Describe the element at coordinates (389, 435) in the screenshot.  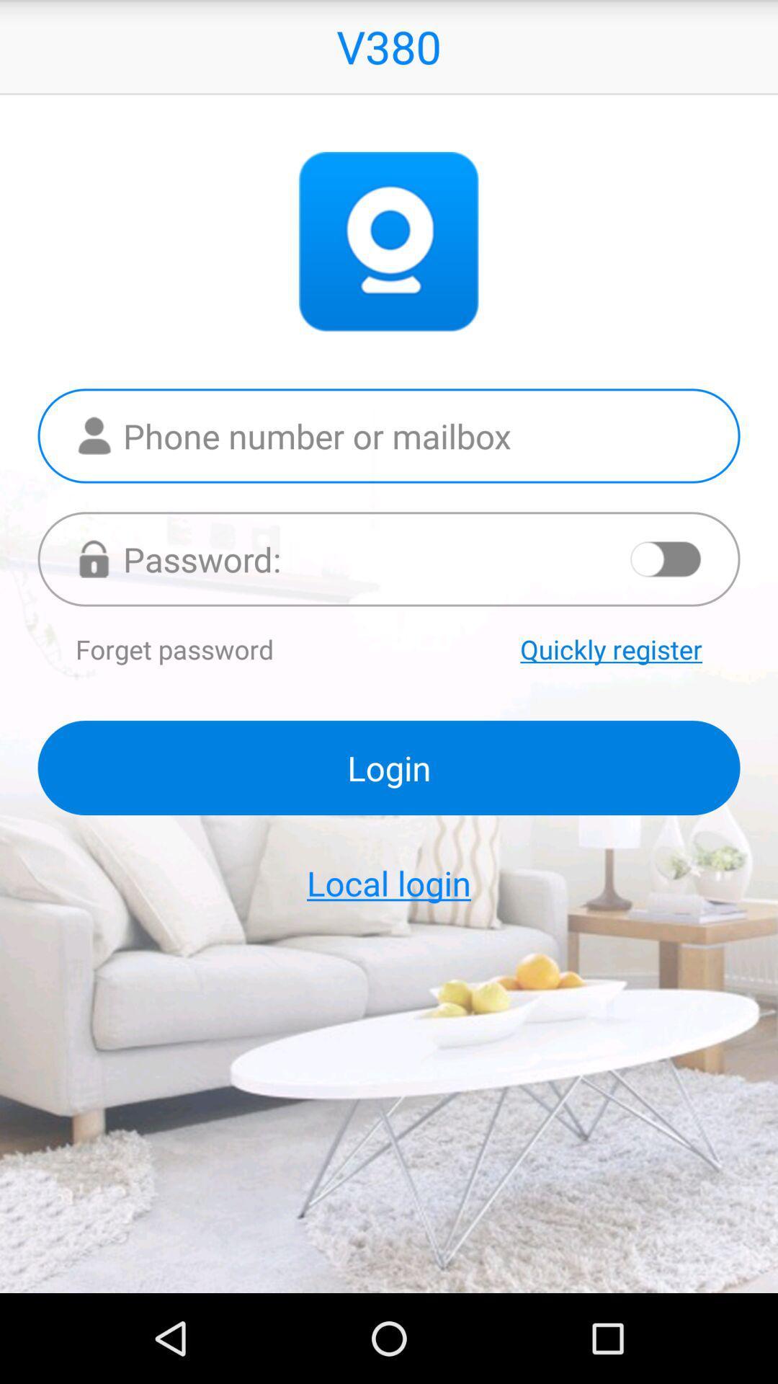
I see `your phone number or email` at that location.